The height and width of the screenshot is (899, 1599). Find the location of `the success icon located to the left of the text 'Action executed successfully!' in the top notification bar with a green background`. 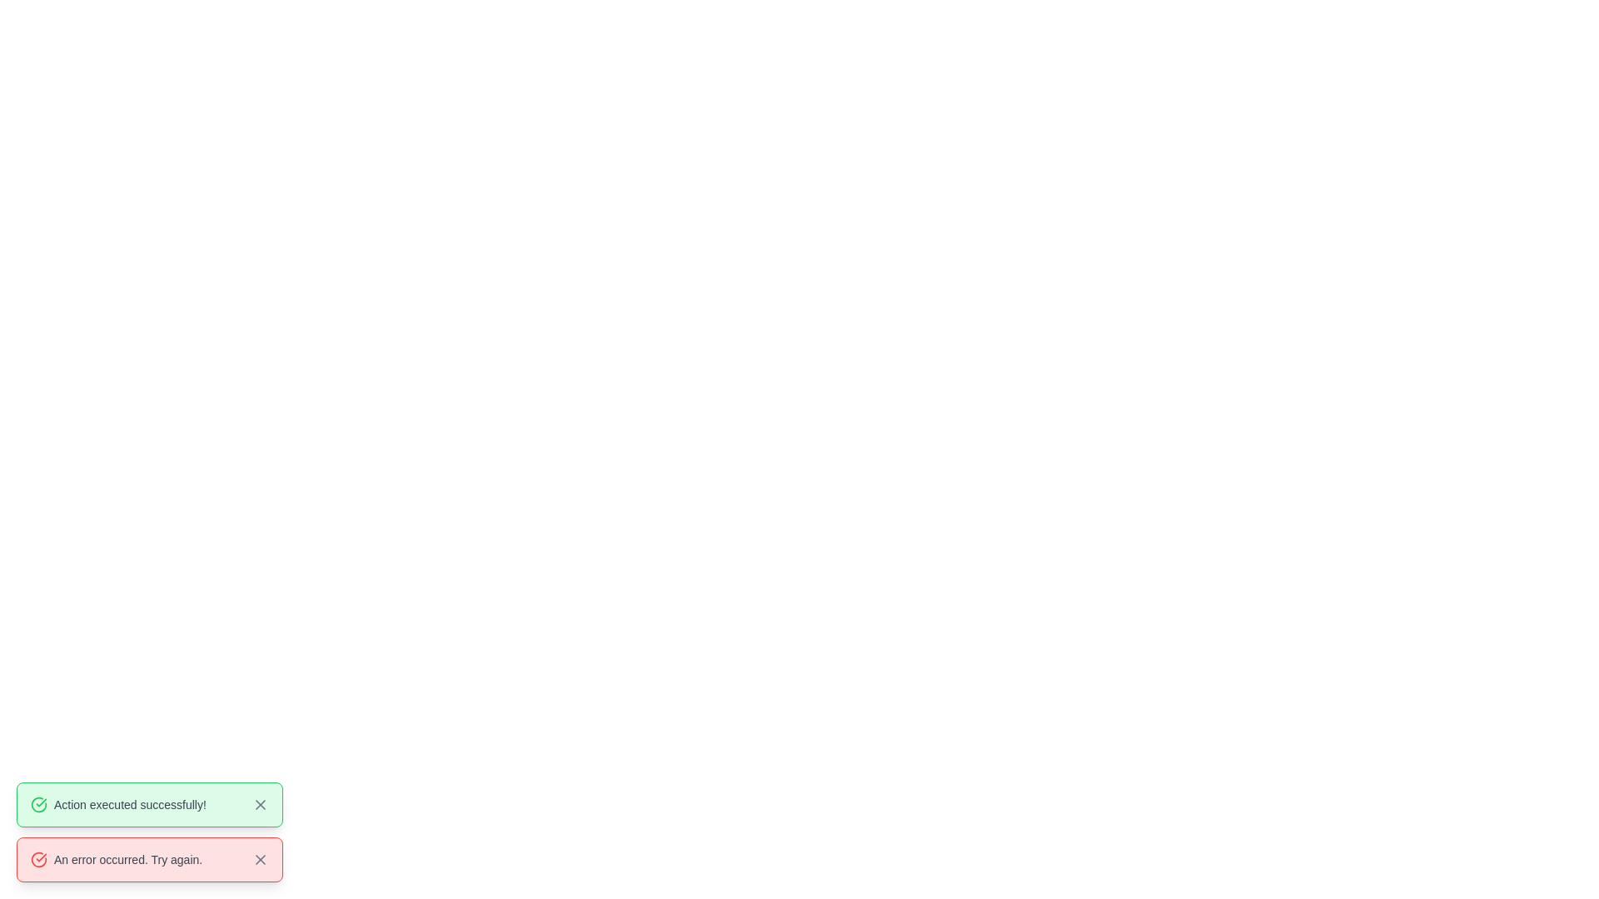

the success icon located to the left of the text 'Action executed successfully!' in the top notification bar with a green background is located at coordinates (39, 804).